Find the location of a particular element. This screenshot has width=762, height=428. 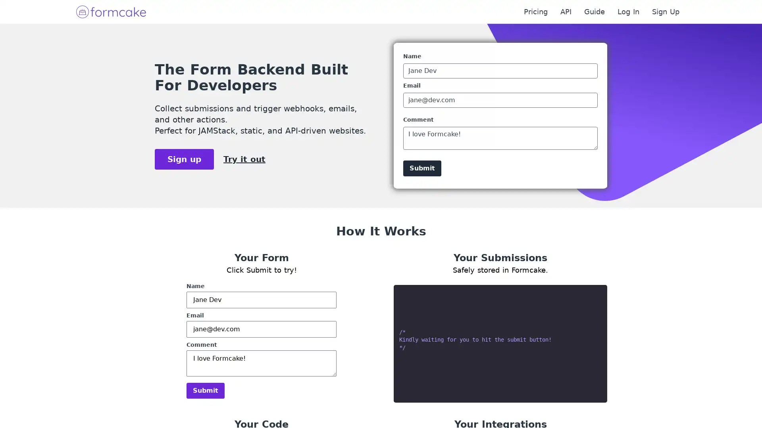

Submit is located at coordinates (206, 390).